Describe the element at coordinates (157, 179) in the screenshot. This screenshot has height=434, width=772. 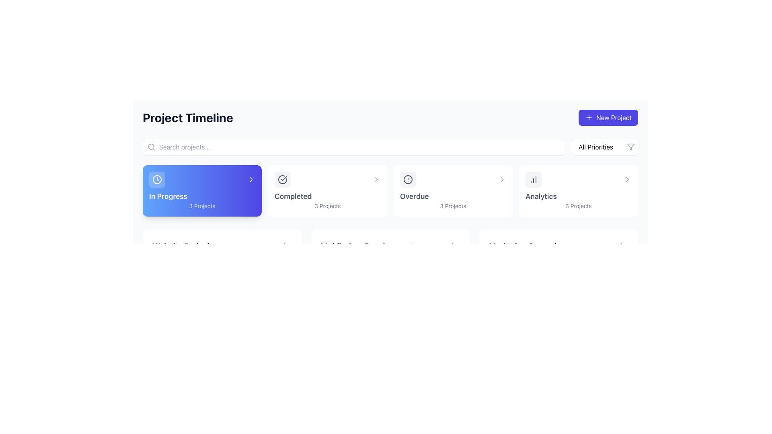
I see `the entire clock icon represented by the outer circular outline in the first card under the 'In Progress' section` at that location.